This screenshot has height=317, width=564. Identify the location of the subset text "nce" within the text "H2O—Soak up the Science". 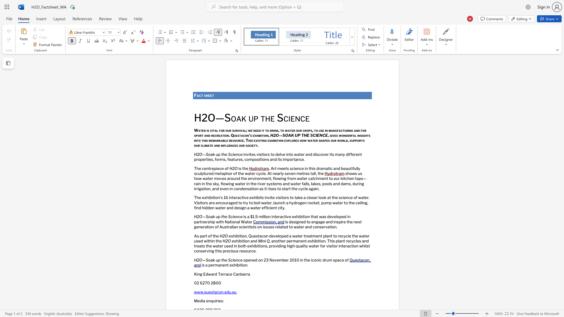
(236, 259).